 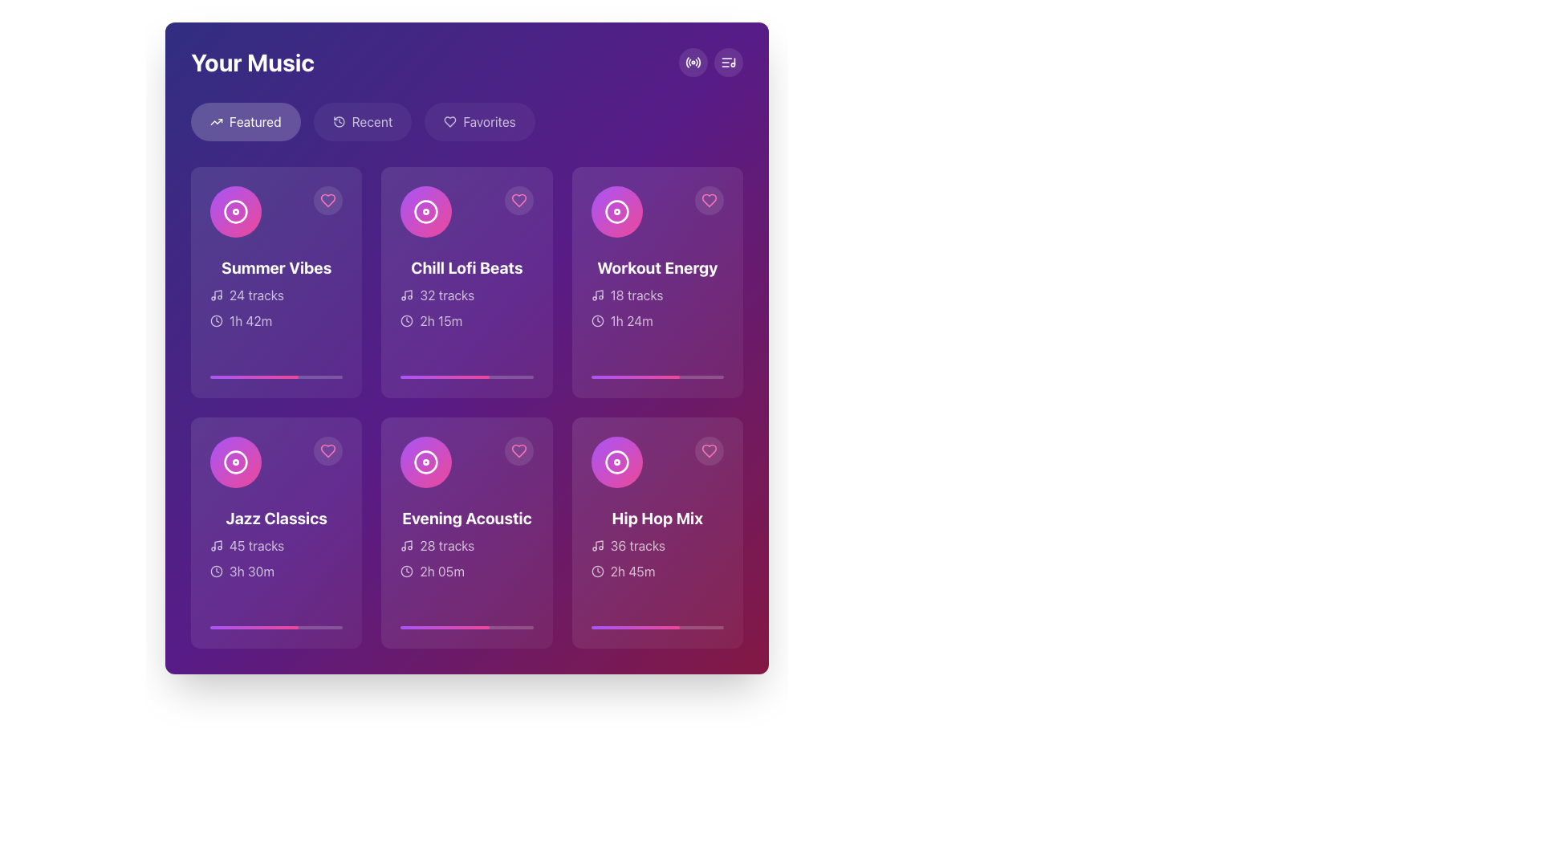 I want to click on the static informational text label displaying metadata about the playlist, which shows the number of tracks and is located under the title of the 'Evening Acoustic' card in the second row of the grid, so click(x=466, y=544).